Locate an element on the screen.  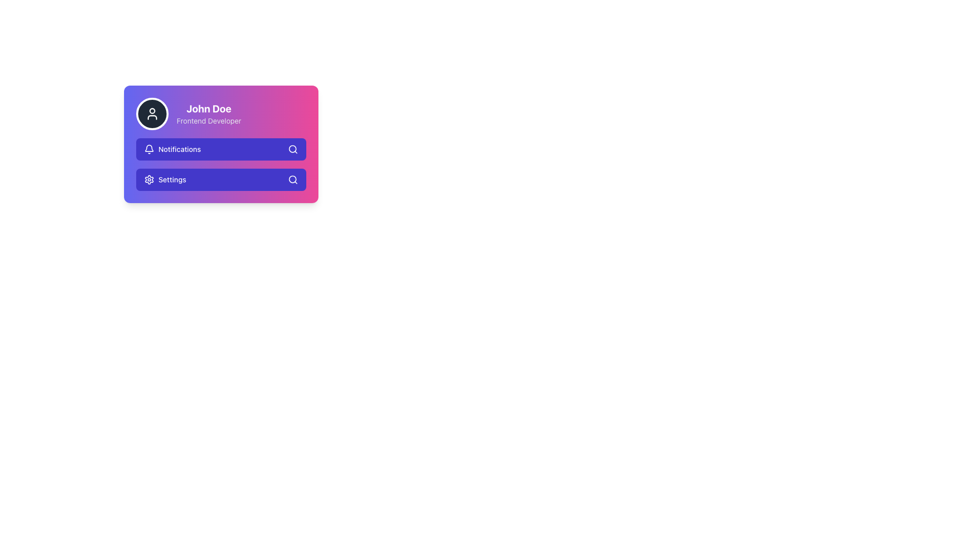
the search icon located inside the 'Notifications' button to initiate a search operation is located at coordinates (293, 149).